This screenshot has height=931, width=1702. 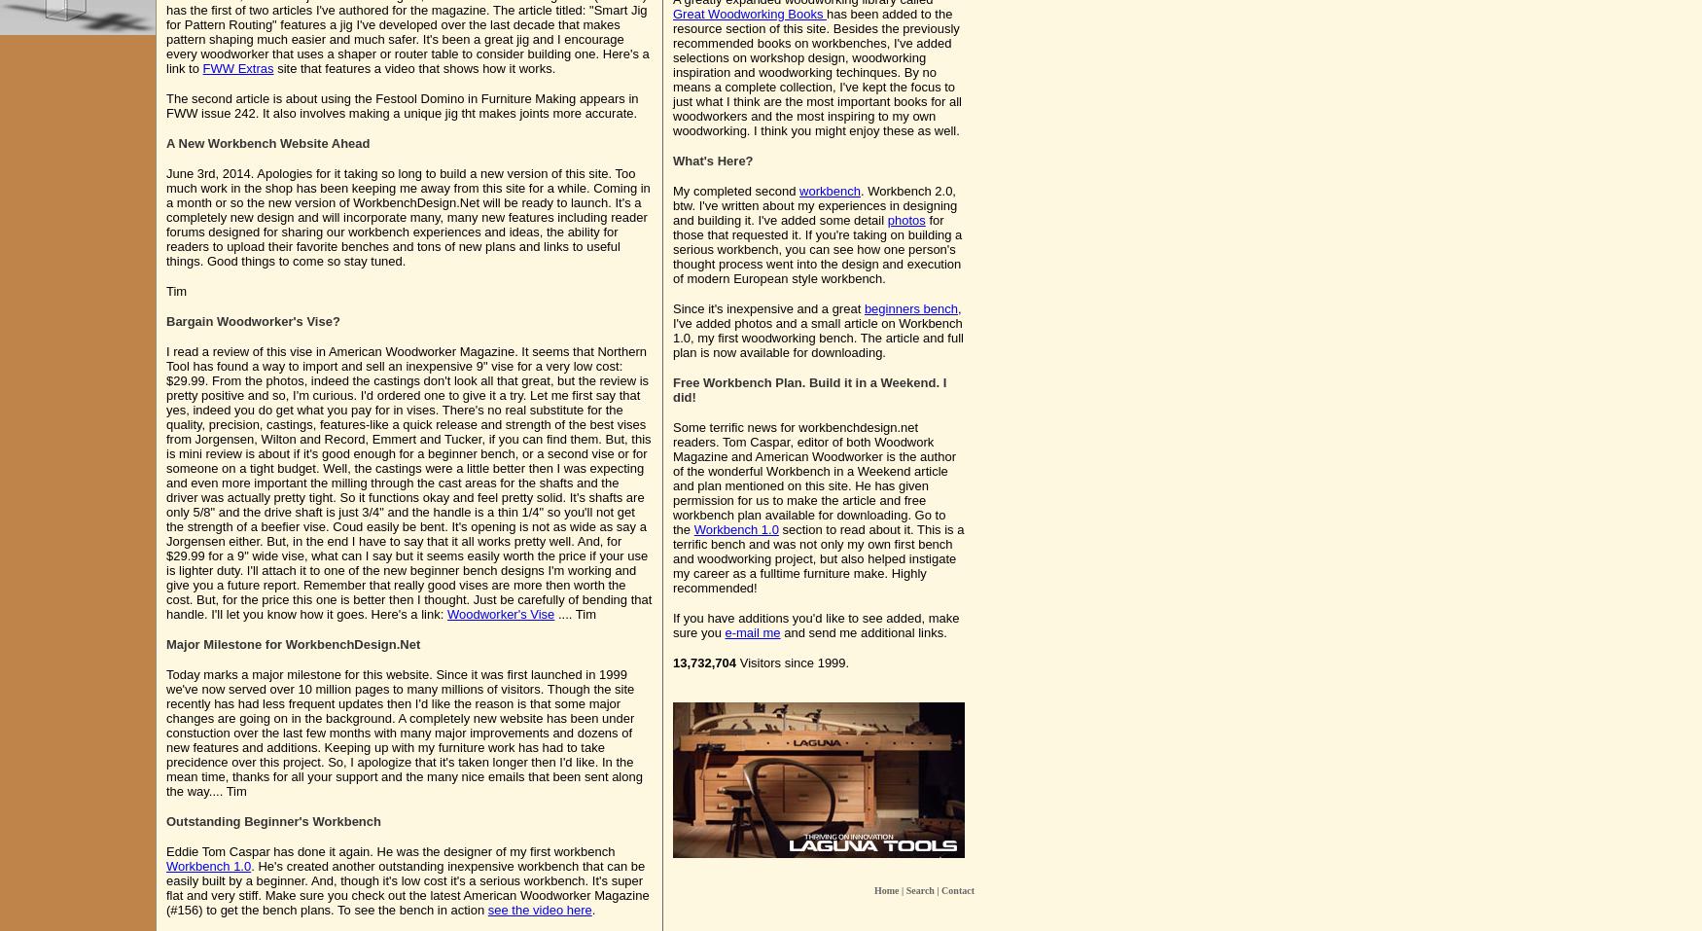 What do you see at coordinates (672, 190) in the screenshot?
I see `'My 
                    completed second'` at bounding box center [672, 190].